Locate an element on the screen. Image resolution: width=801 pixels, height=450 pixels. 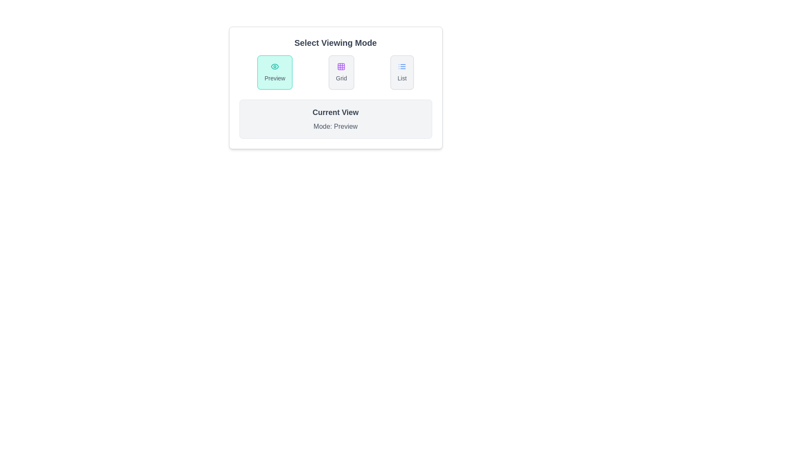
the teal eye icon within the 'Preview' mode selection button is located at coordinates (275, 66).